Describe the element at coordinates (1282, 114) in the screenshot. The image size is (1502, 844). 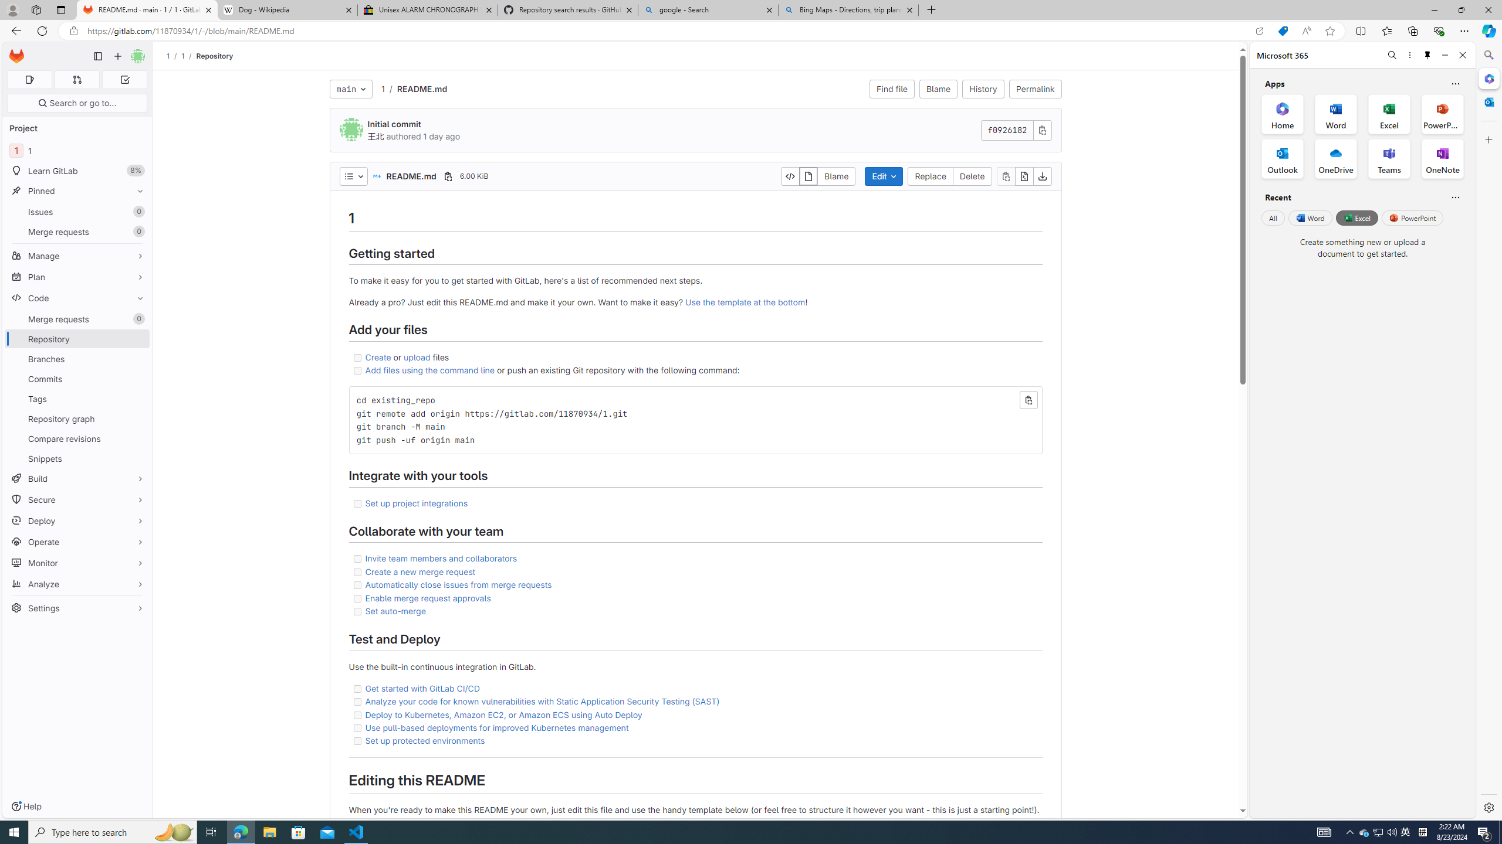
I see `'Home Office App'` at that location.